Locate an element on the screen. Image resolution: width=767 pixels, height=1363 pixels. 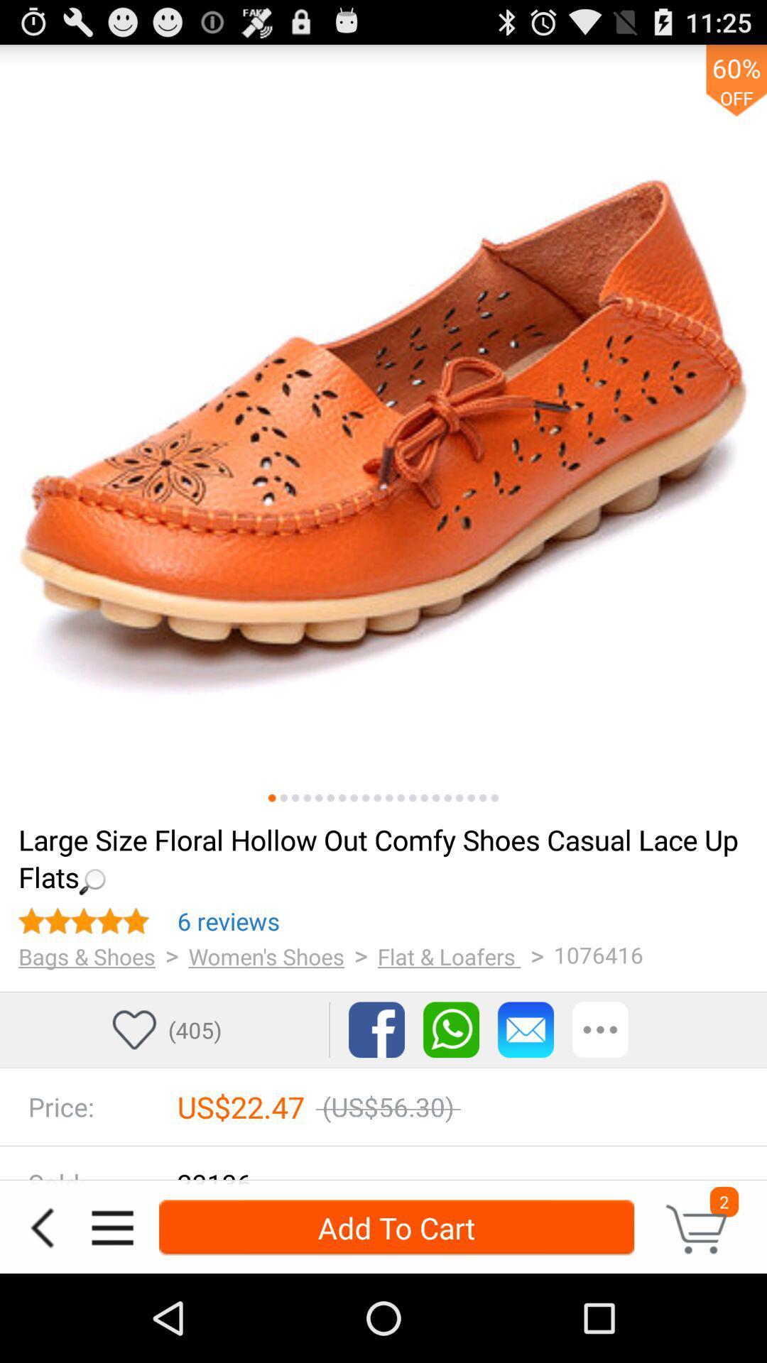
larger image is located at coordinates (383, 427).